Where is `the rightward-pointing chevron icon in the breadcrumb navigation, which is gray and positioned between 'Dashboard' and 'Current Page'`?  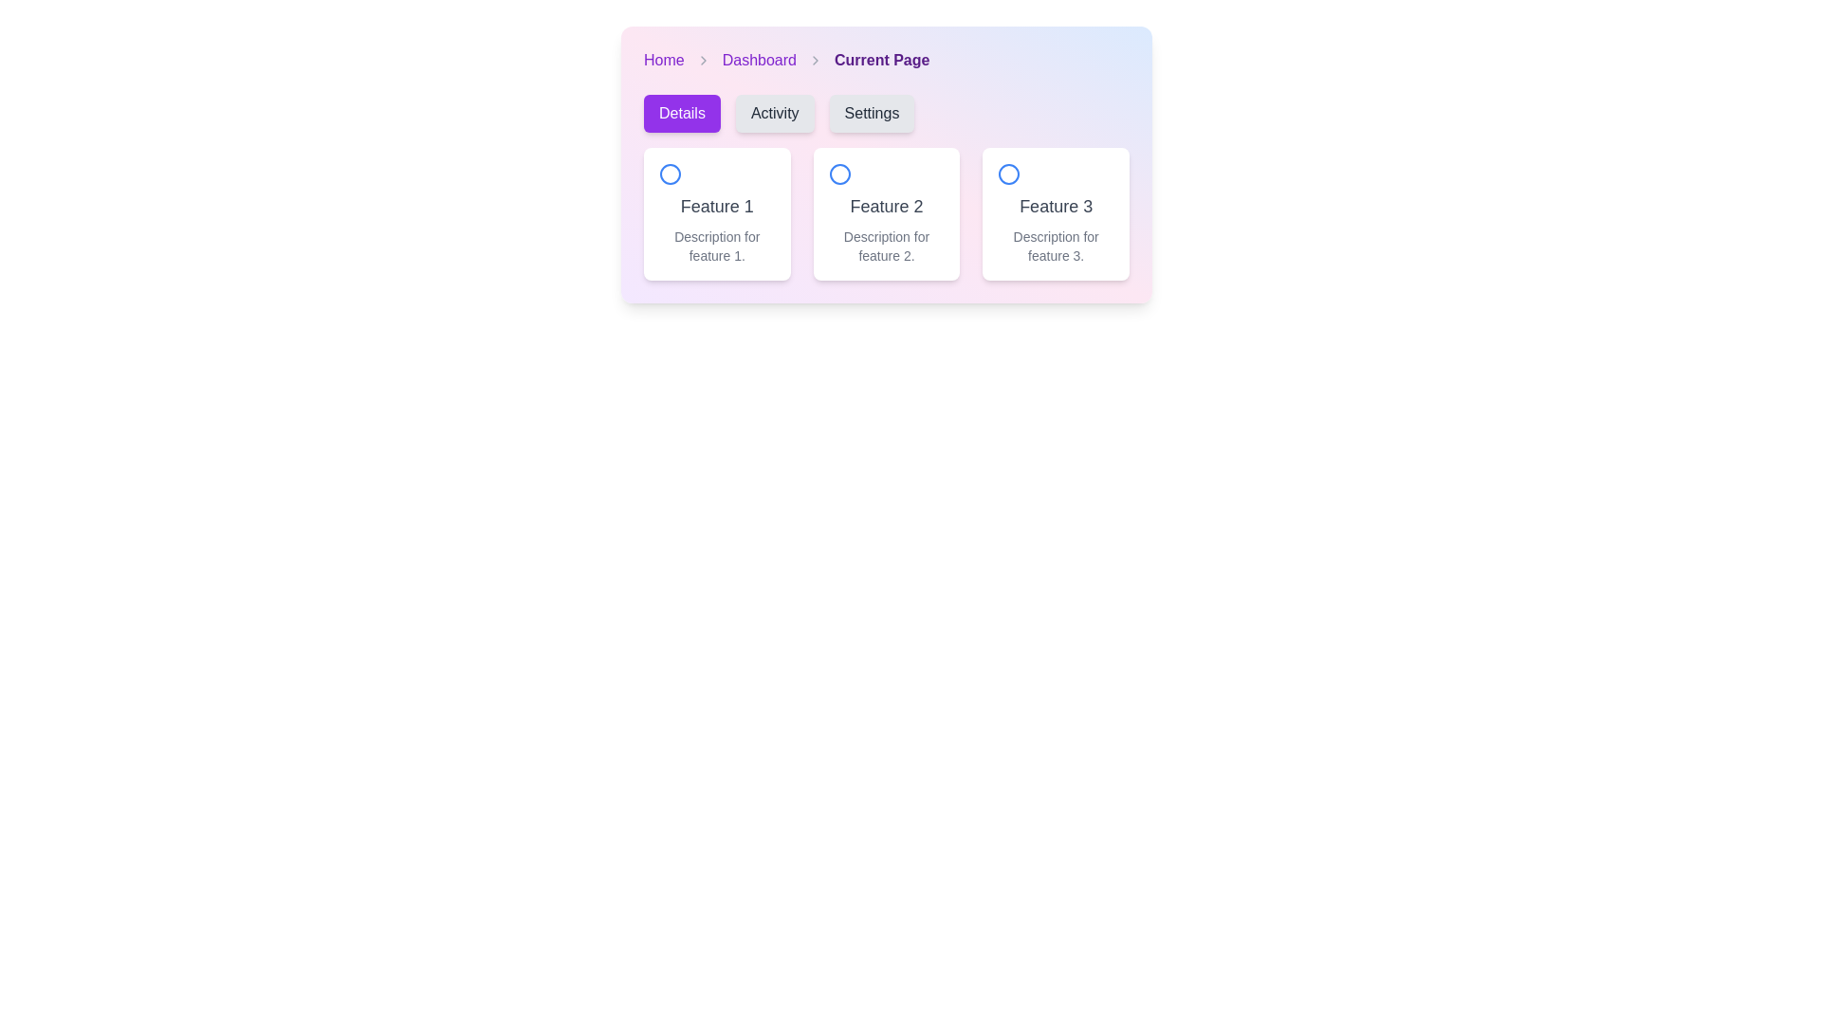
the rightward-pointing chevron icon in the breadcrumb navigation, which is gray and positioned between 'Dashboard' and 'Current Page' is located at coordinates (815, 60).